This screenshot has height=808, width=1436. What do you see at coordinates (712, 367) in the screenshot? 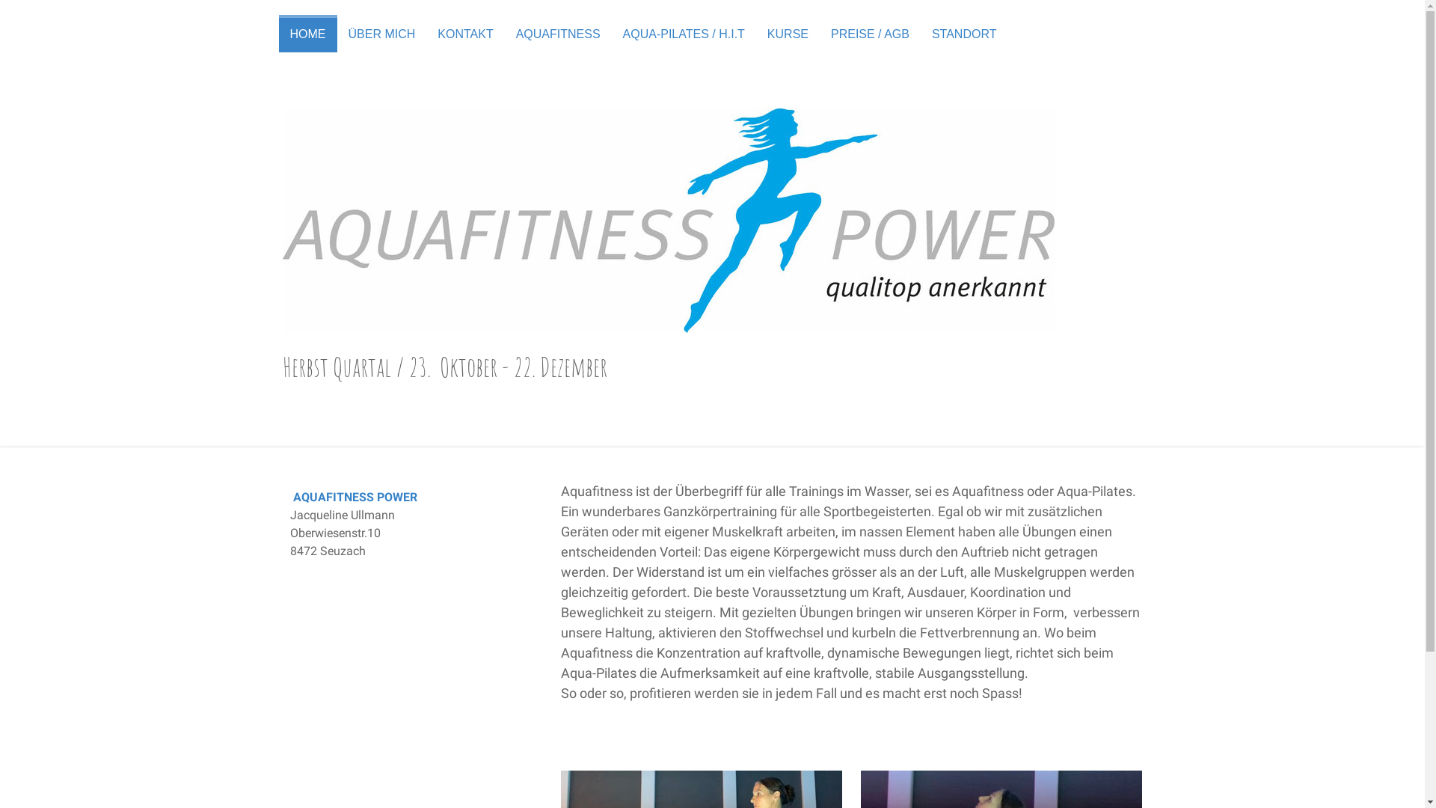
I see `'Herbst Quartal / 23.  Oktober - 22. Dezember'` at bounding box center [712, 367].